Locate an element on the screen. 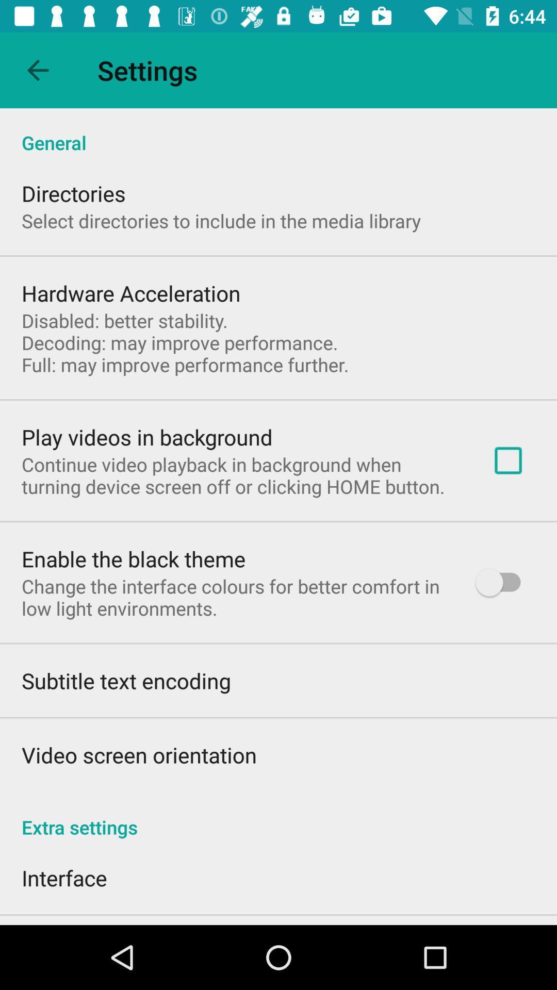  the item below continue video playback app is located at coordinates (133, 558).